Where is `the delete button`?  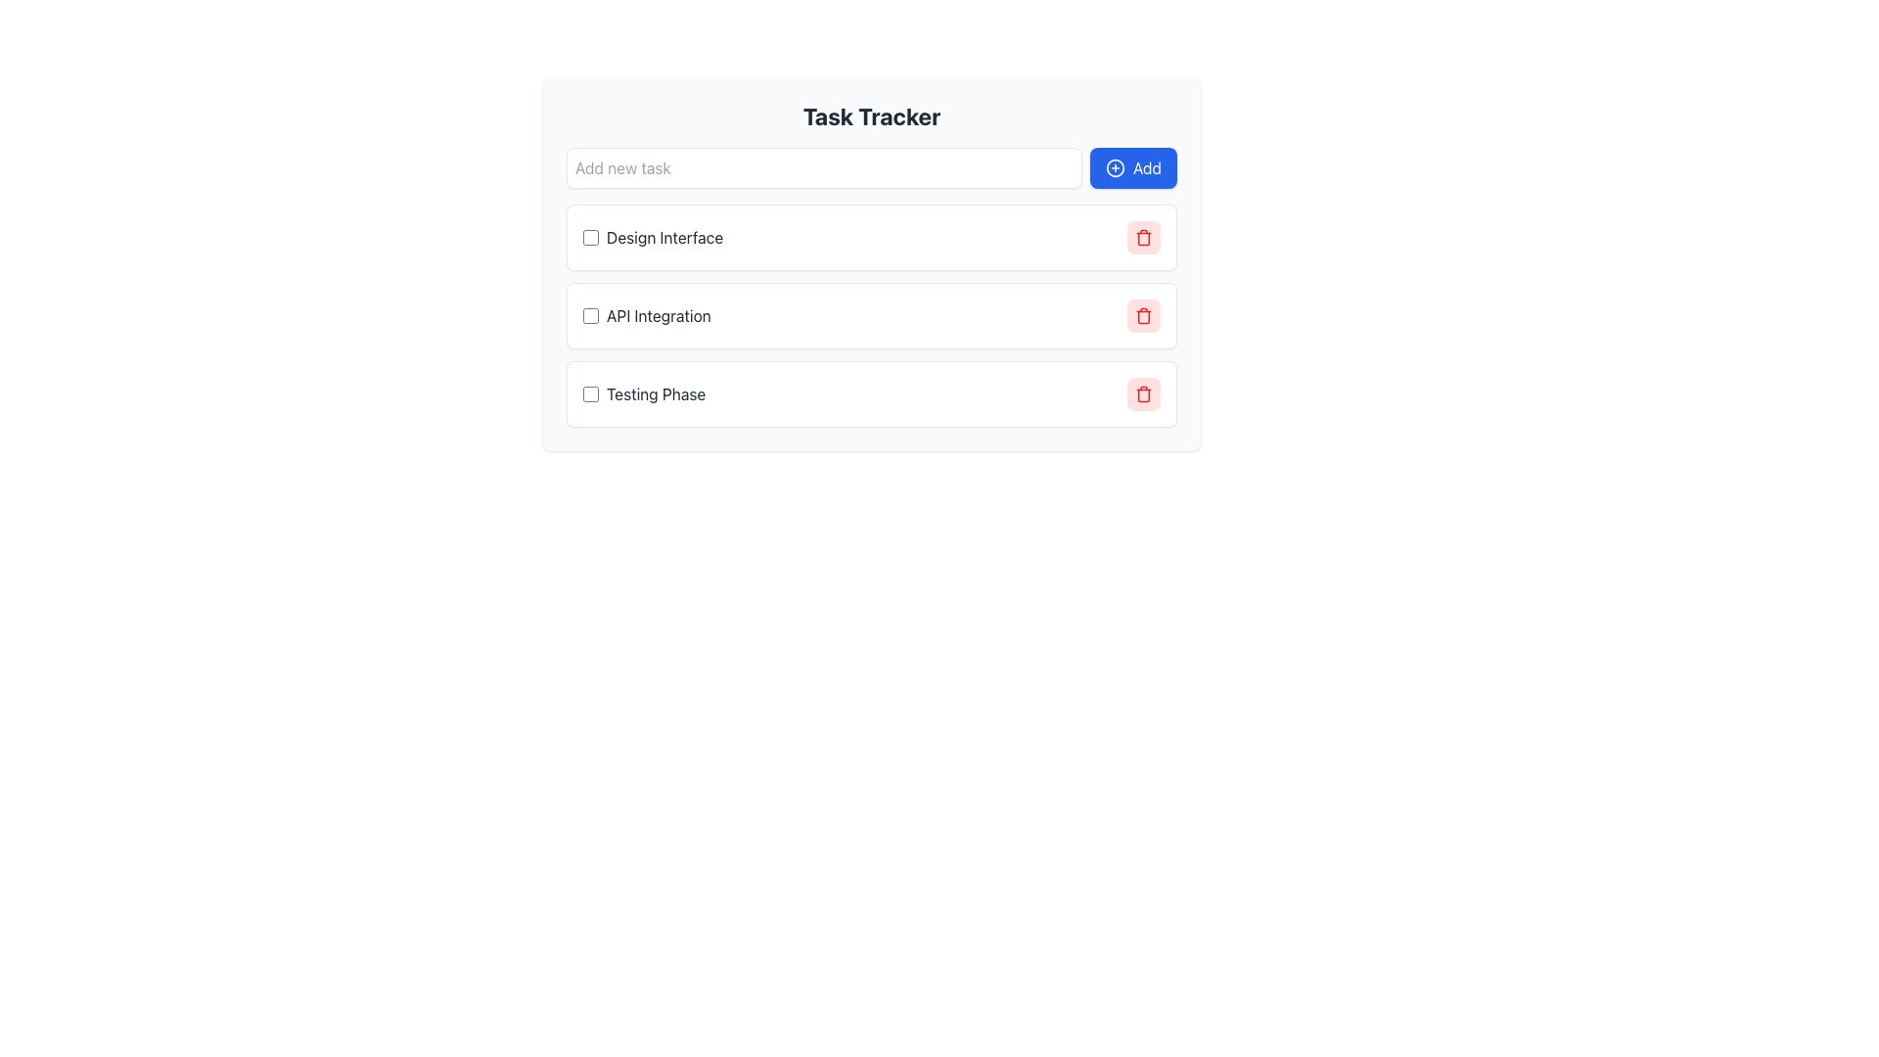
the delete button is located at coordinates (1144, 237).